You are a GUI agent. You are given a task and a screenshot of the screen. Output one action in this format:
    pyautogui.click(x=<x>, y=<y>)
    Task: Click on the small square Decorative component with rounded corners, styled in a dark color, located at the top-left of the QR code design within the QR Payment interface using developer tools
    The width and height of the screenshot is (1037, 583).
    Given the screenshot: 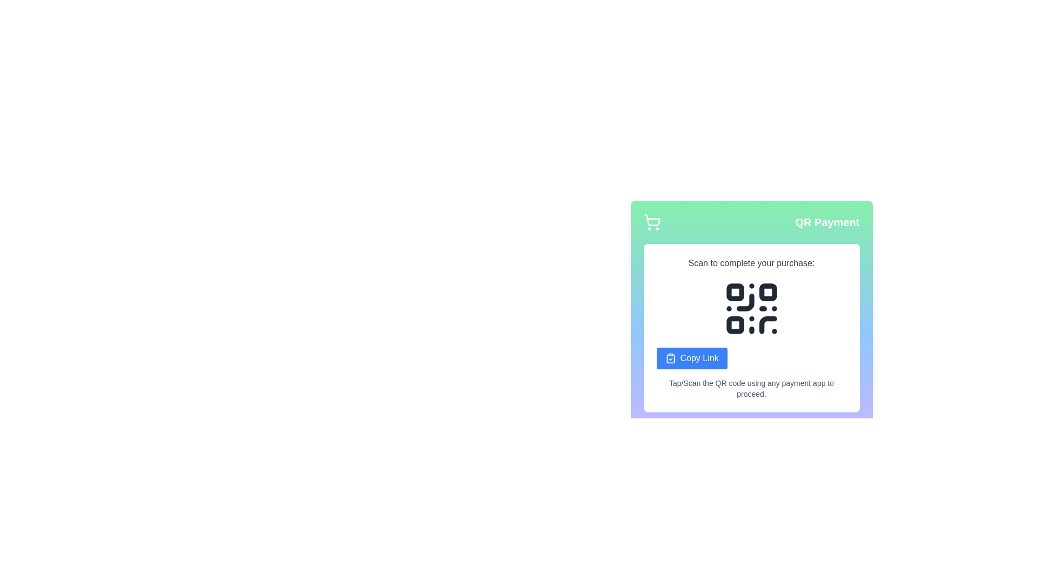 What is the action you would take?
    pyautogui.click(x=735, y=292)
    